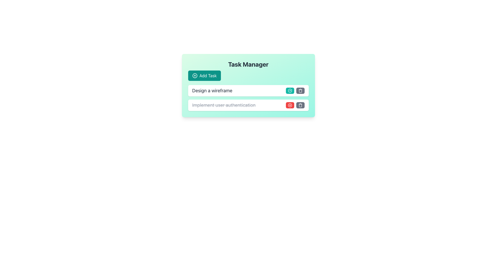  What do you see at coordinates (300, 90) in the screenshot?
I see `the trash can icon on the gray rounded button at the right end of the second task row labeled 'Design a wireframe'` at bounding box center [300, 90].